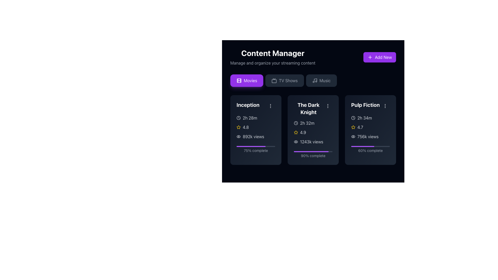 Image resolution: width=498 pixels, height=280 pixels. Describe the element at coordinates (353, 118) in the screenshot. I see `the clock icon indicating the duration of the movie 'Pulp Fiction', which is positioned before the text '2h 34m' in the third card of the interface layout` at that location.